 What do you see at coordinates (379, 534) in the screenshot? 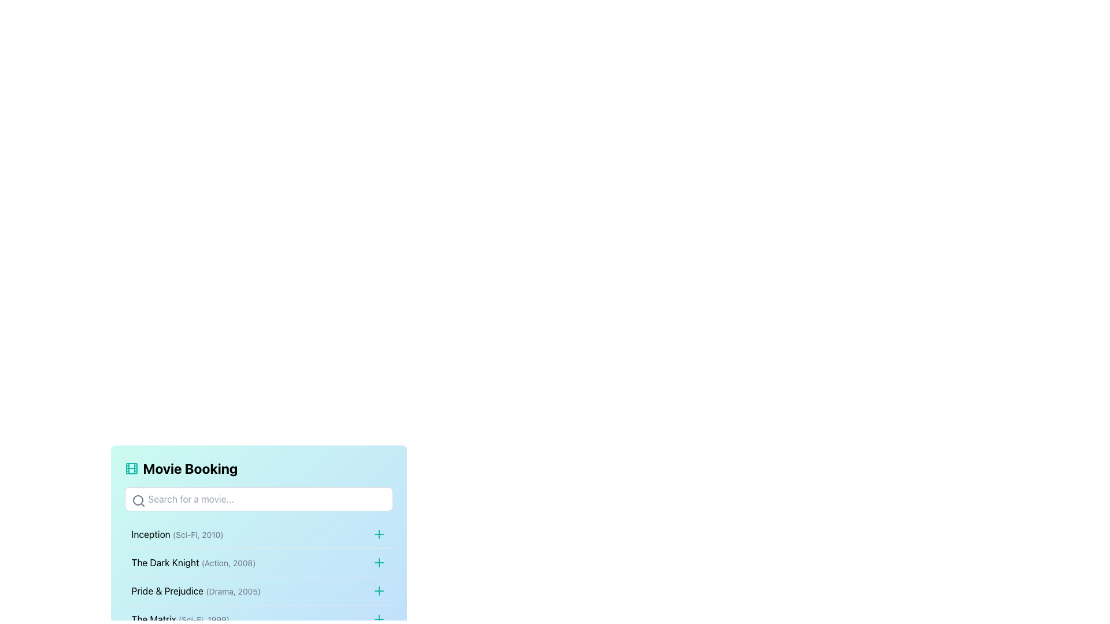
I see `the button` at bounding box center [379, 534].